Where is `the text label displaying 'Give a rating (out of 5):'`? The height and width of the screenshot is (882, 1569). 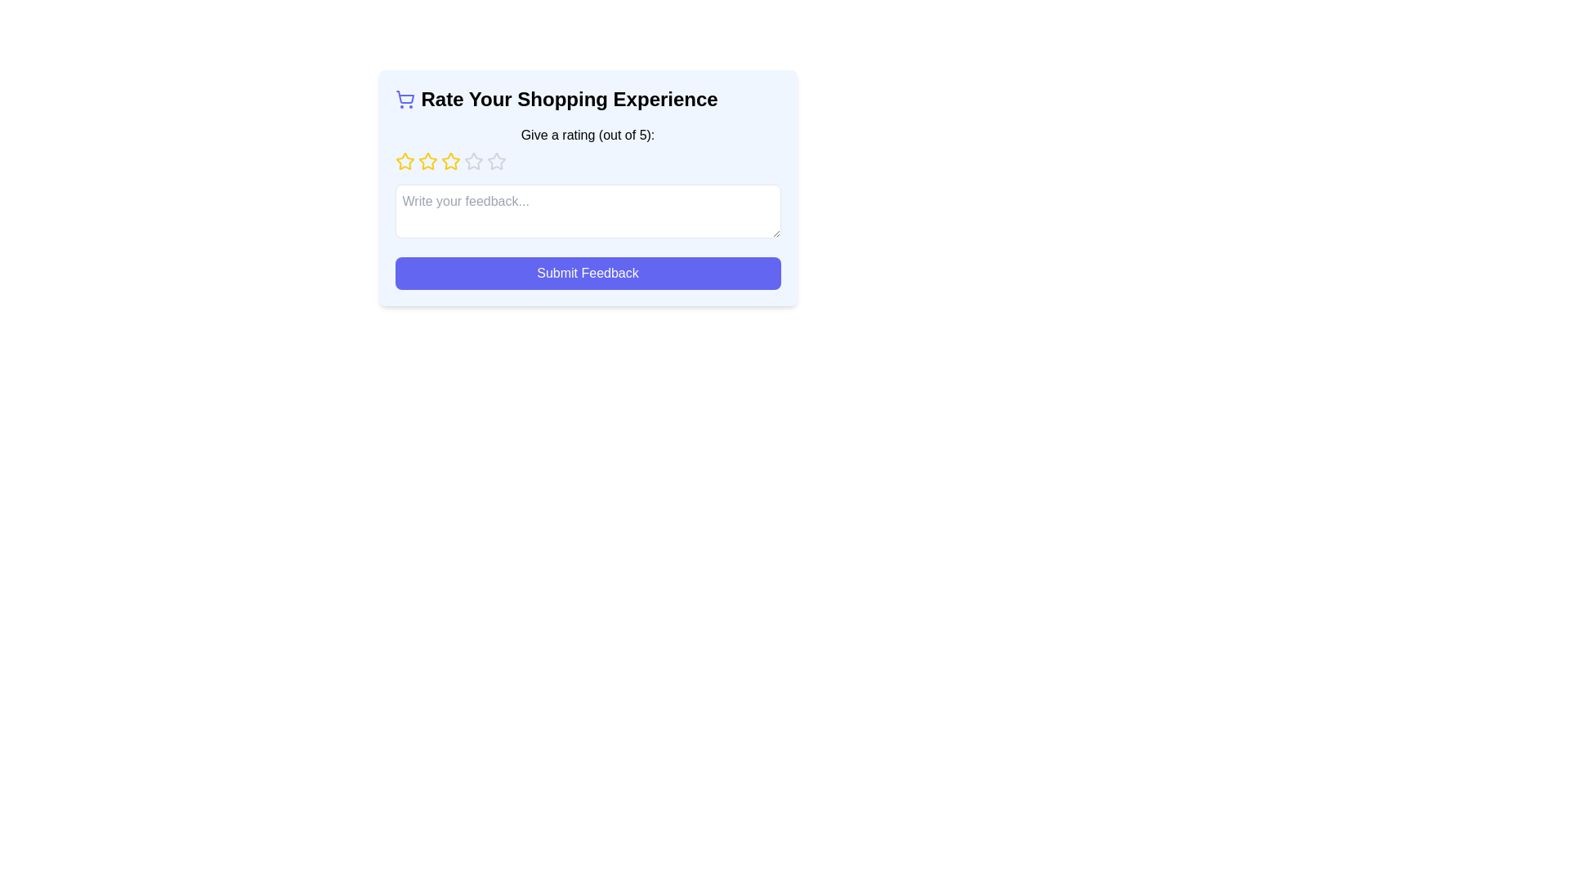 the text label displaying 'Give a rating (out of 5):' is located at coordinates (588, 134).